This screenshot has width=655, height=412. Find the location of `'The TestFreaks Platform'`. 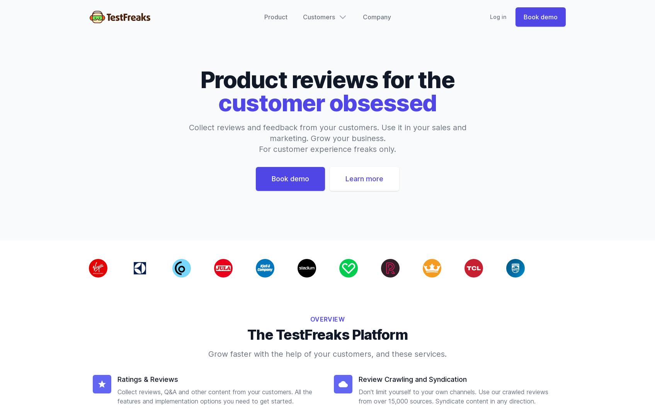

'The TestFreaks Platform' is located at coordinates (327, 335).